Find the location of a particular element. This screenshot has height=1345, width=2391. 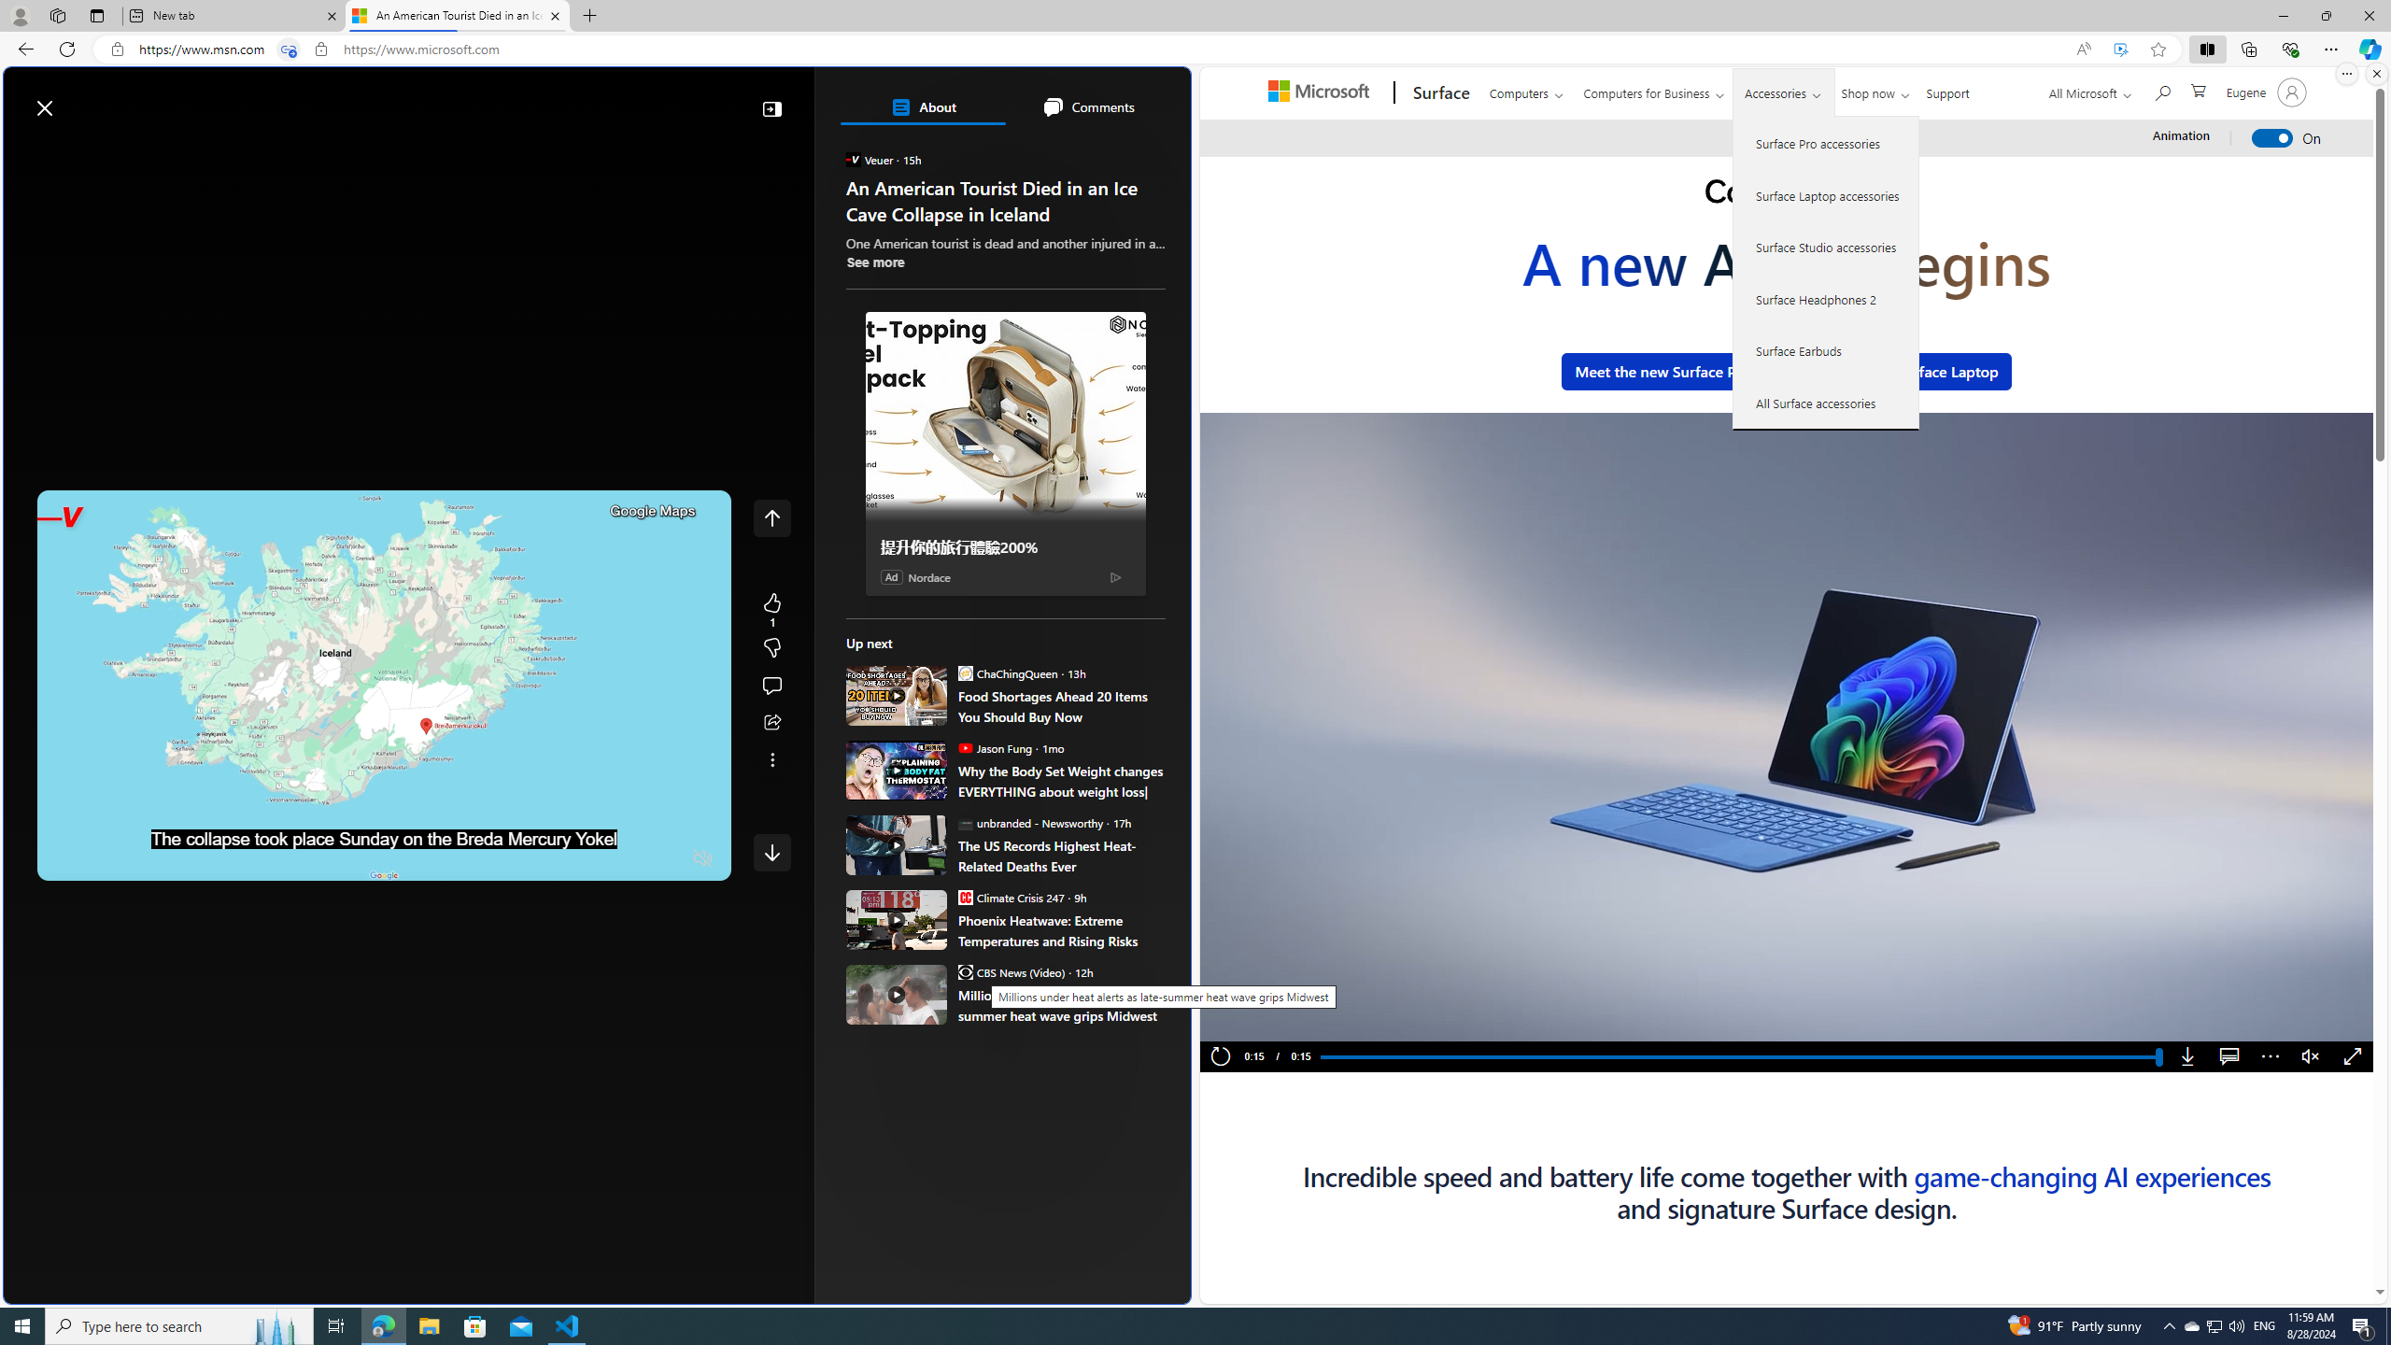

'Tabs in split screen' is located at coordinates (289, 50).